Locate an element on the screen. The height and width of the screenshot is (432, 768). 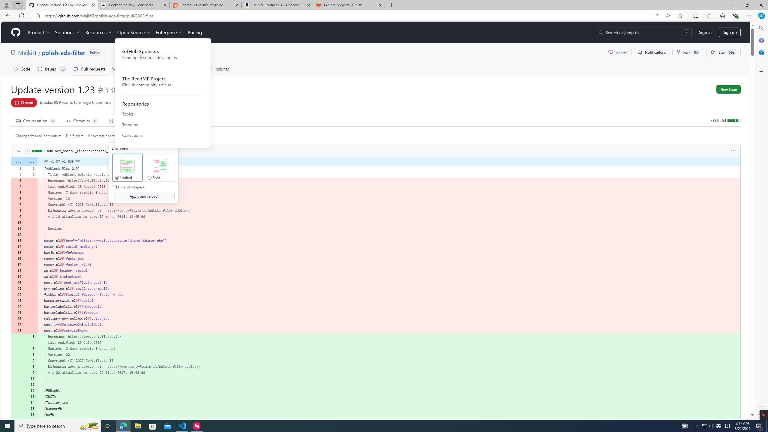
'Resources' is located at coordinates (99, 32).